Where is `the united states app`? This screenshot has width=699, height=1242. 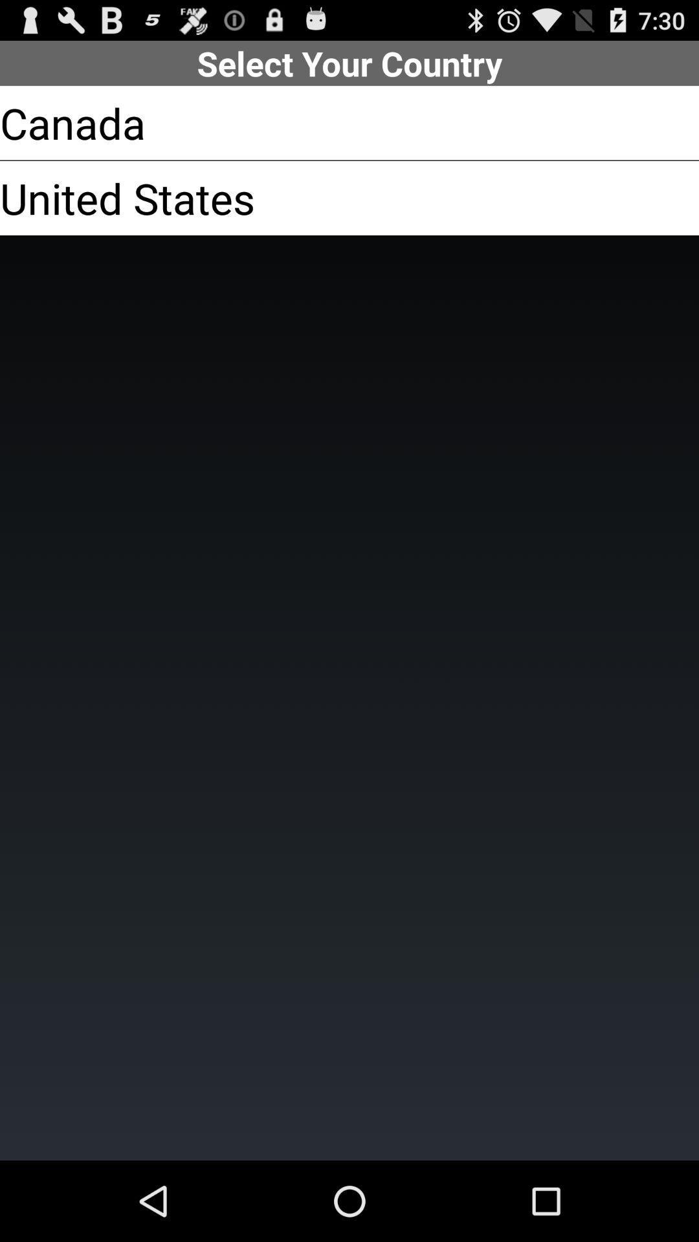 the united states app is located at coordinates (127, 197).